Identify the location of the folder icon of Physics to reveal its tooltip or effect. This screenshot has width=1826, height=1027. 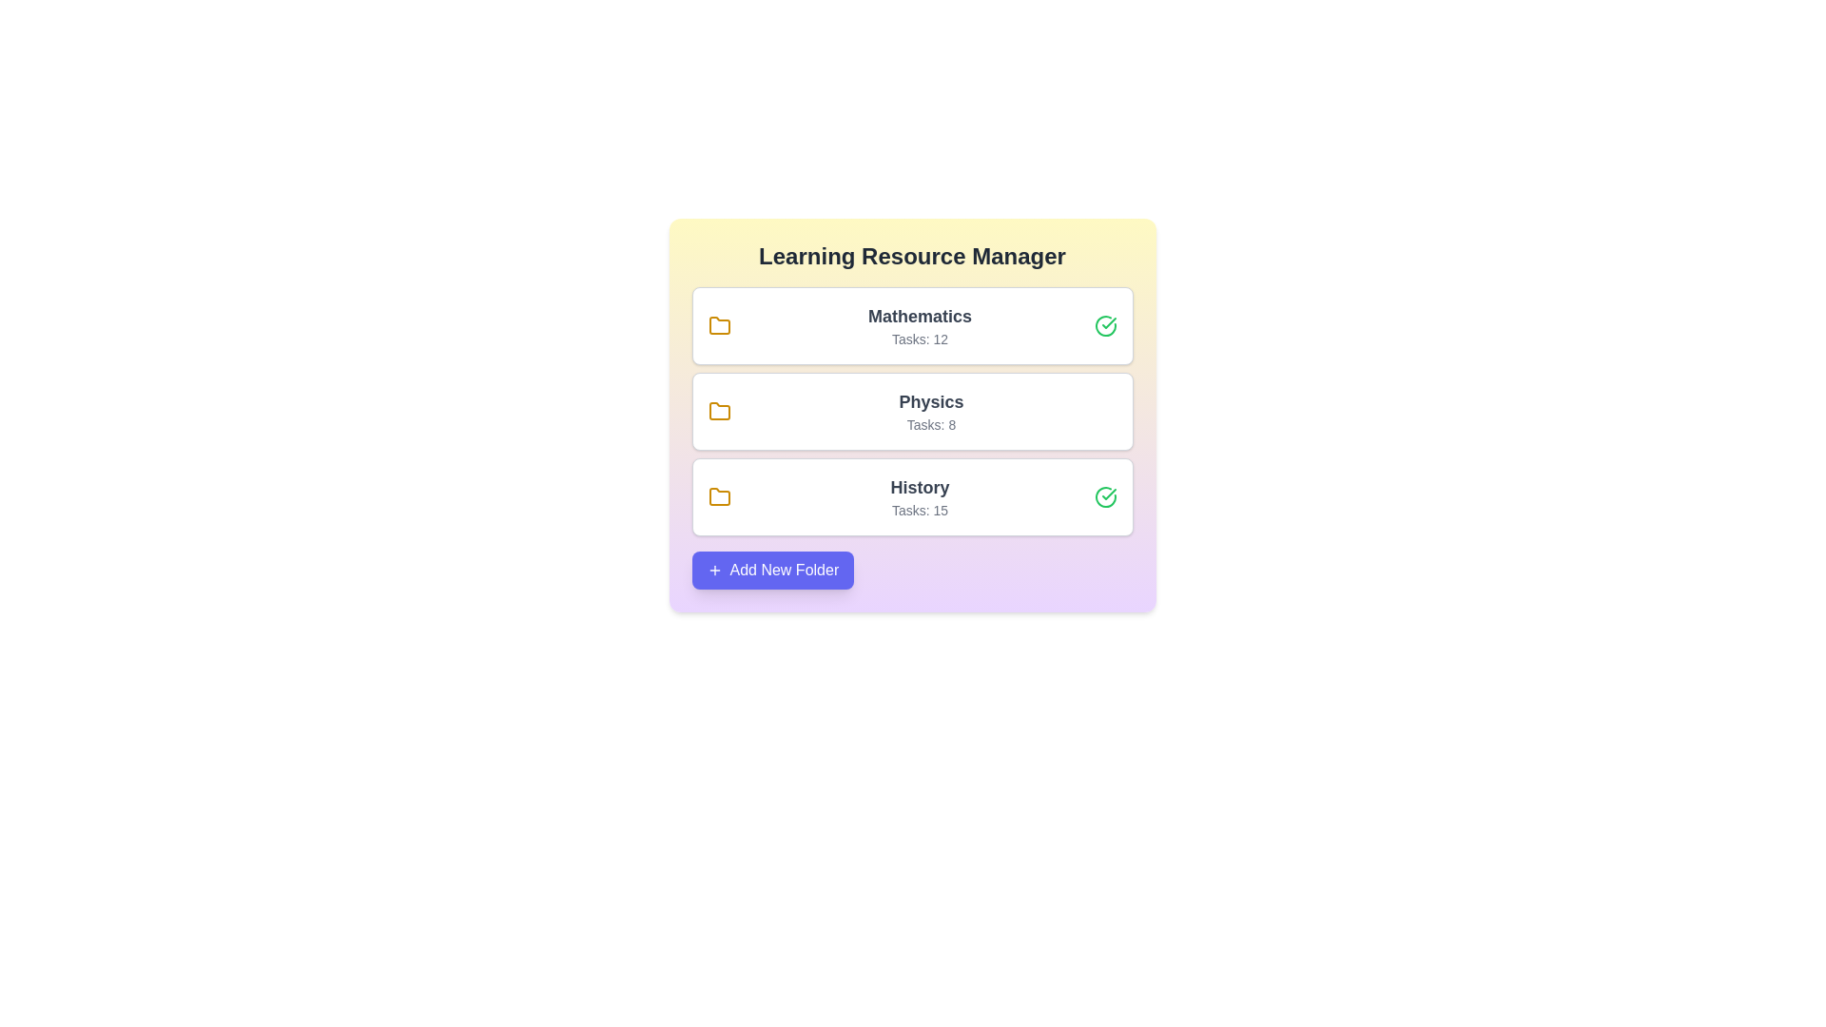
(718, 410).